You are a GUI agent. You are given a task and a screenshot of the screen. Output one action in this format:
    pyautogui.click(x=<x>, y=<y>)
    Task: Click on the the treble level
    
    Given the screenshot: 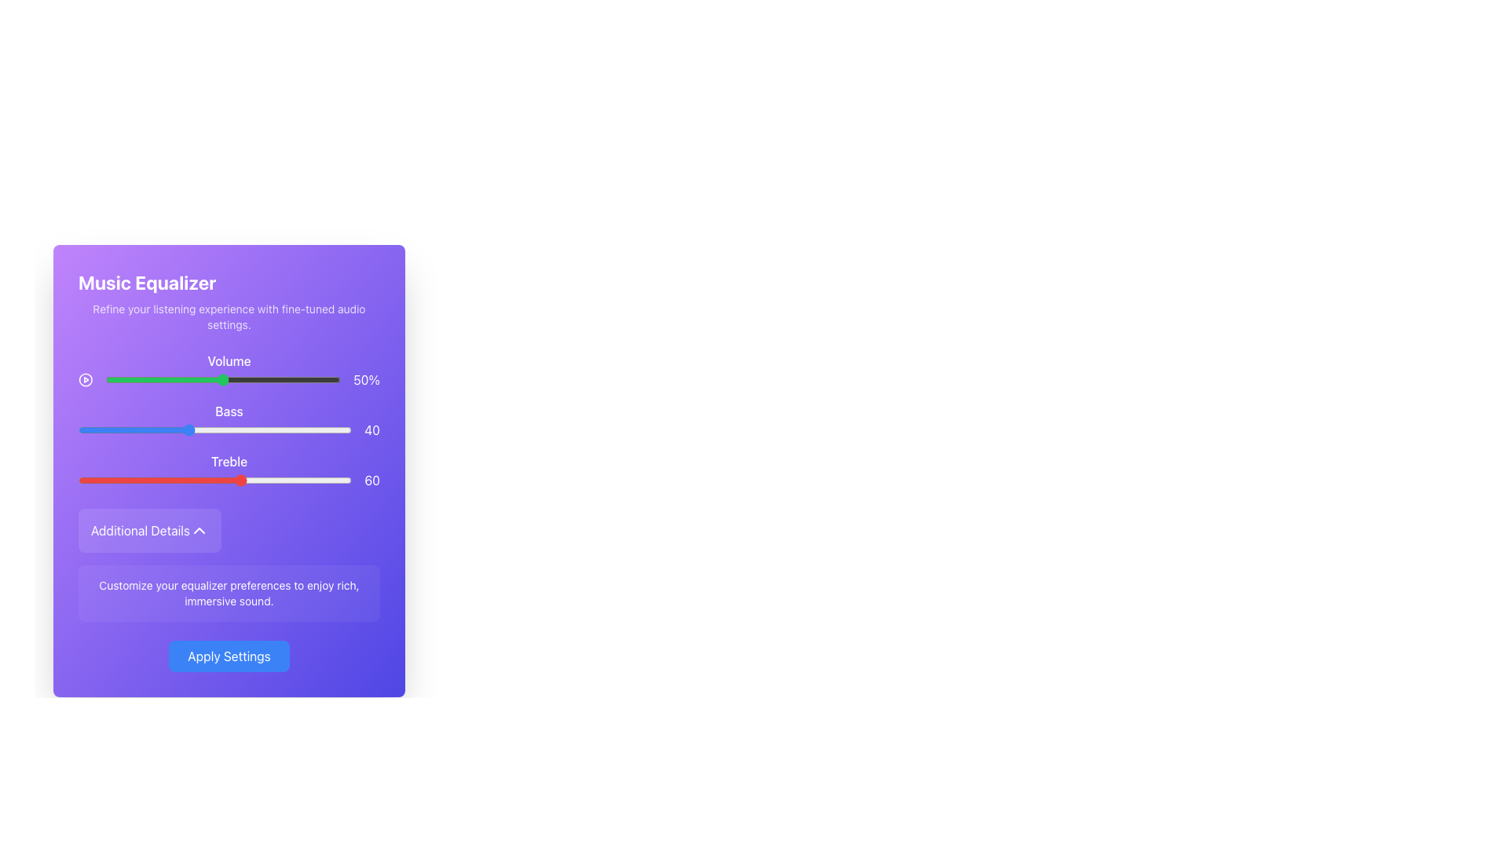 What is the action you would take?
    pyautogui.click(x=313, y=480)
    